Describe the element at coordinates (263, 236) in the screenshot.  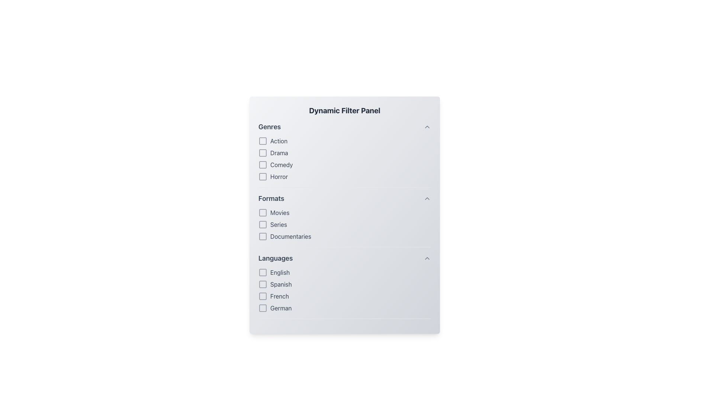
I see `the Checkbox Indicator representing the selected state of the 'Documentaries' option located in the 'Formats' section` at that location.